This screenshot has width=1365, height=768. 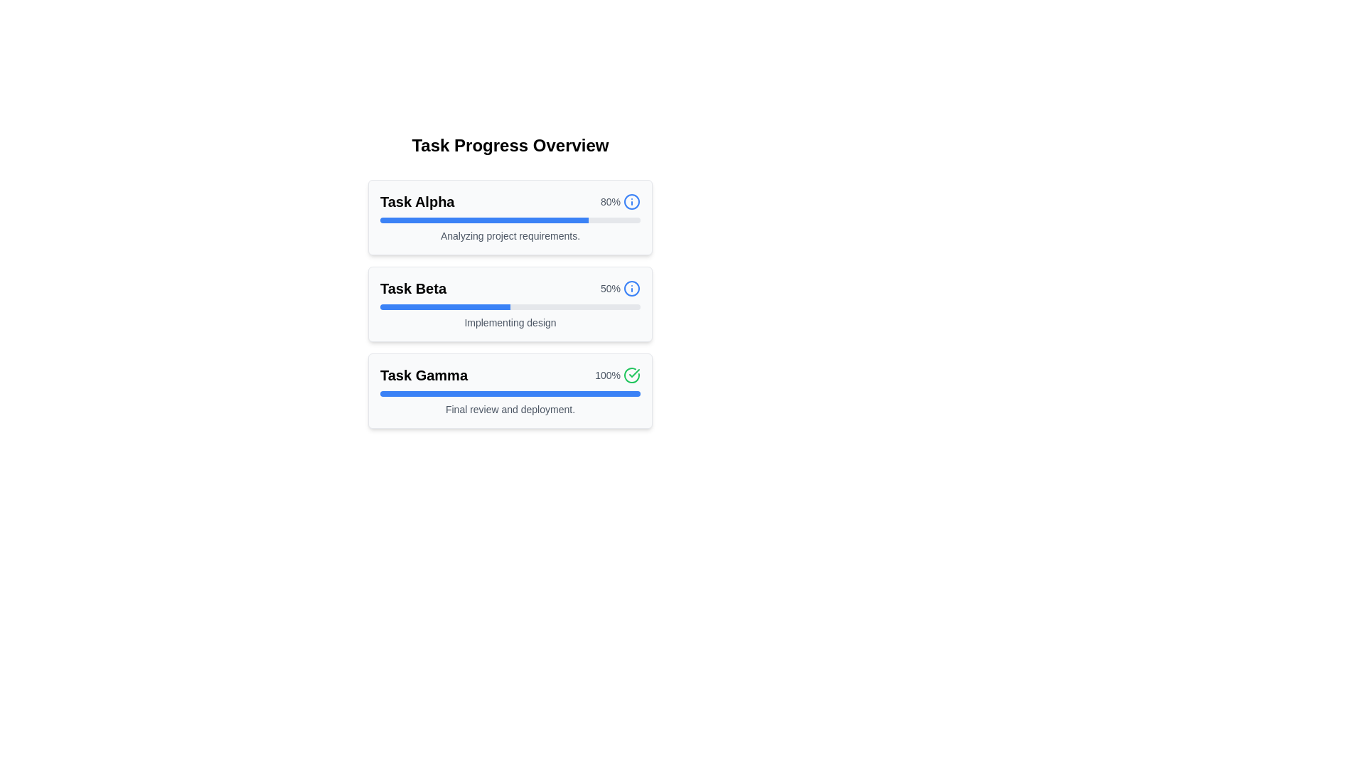 What do you see at coordinates (444, 306) in the screenshot?
I see `the blue-filled segment of the progress bar labeled 'Task Beta' in the 'Task Progress Overview' section` at bounding box center [444, 306].